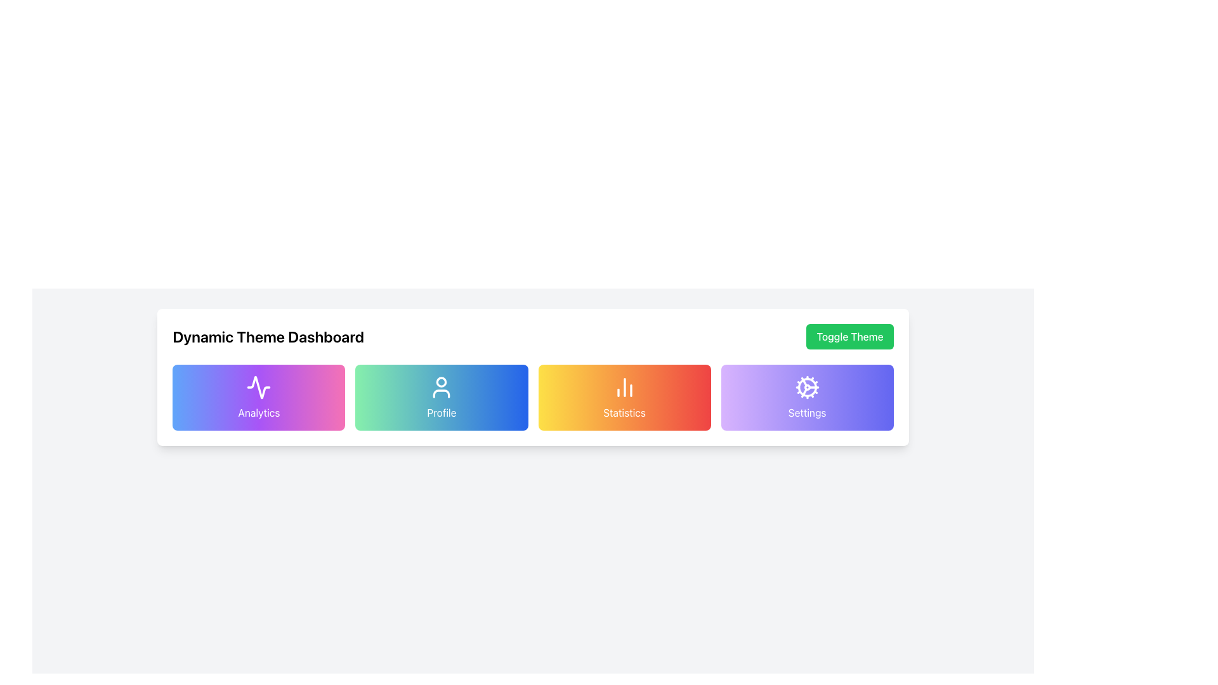  I want to click on the position of the circular subcomponent of the 'Profile' icon located at the top section of the dashboard interface, so click(442, 381).